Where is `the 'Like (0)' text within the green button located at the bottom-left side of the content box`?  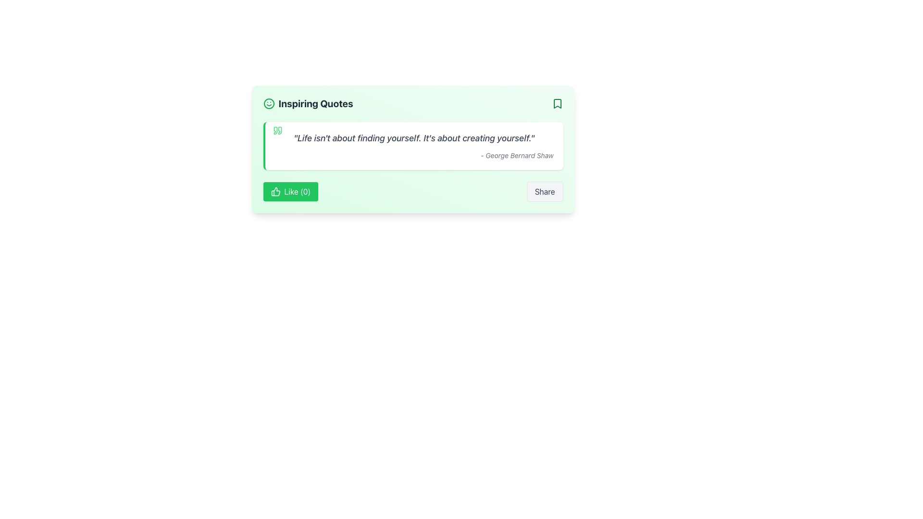
the 'Like (0)' text within the green button located at the bottom-left side of the content box is located at coordinates (297, 191).